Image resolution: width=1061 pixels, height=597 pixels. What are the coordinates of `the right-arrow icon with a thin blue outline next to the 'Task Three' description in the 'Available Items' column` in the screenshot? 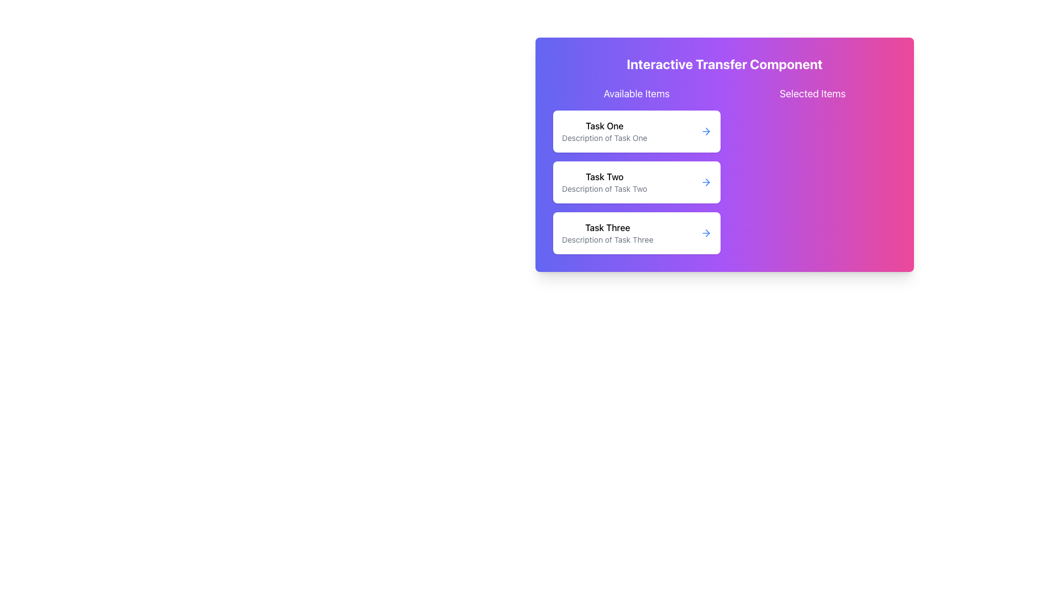 It's located at (705, 232).